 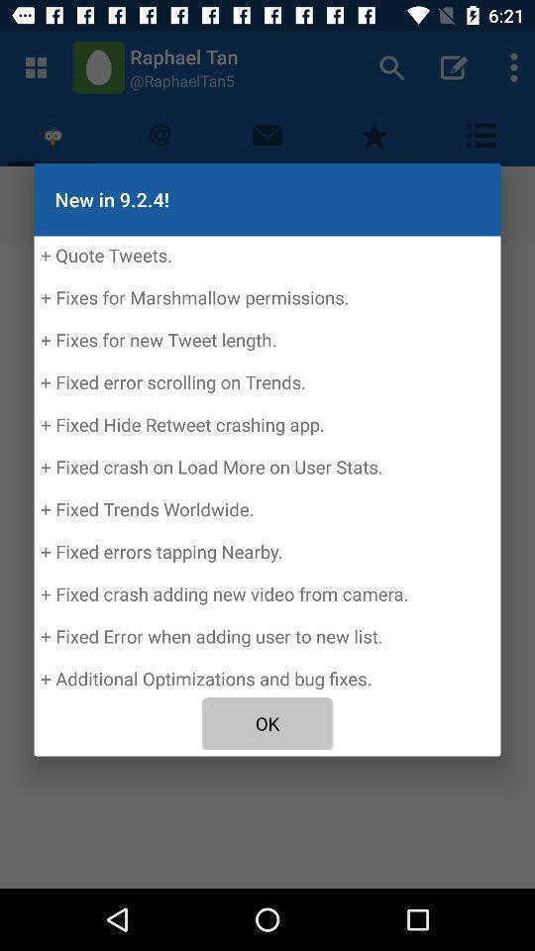 I want to click on the ok icon, so click(x=267, y=722).